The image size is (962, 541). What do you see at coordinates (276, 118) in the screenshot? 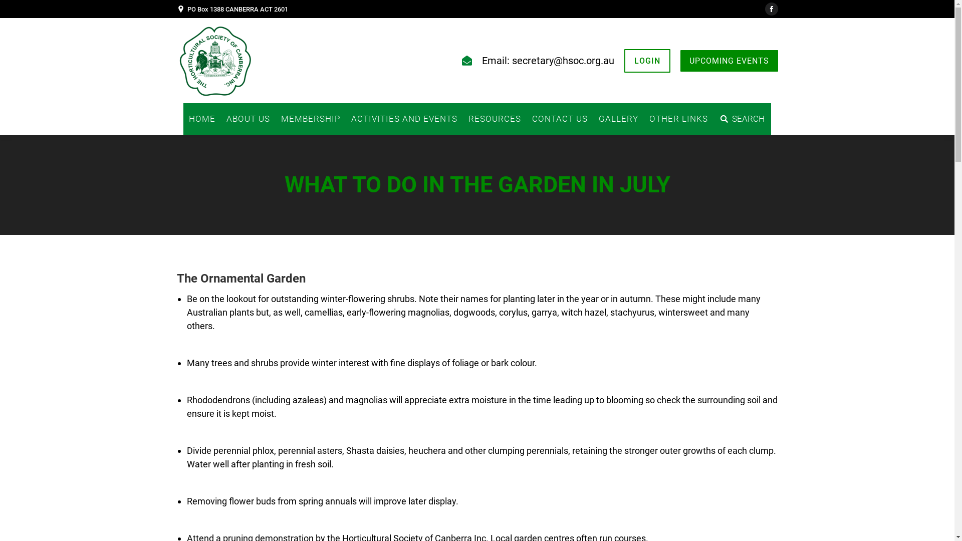
I see `'MEMBERSHIP'` at bounding box center [276, 118].